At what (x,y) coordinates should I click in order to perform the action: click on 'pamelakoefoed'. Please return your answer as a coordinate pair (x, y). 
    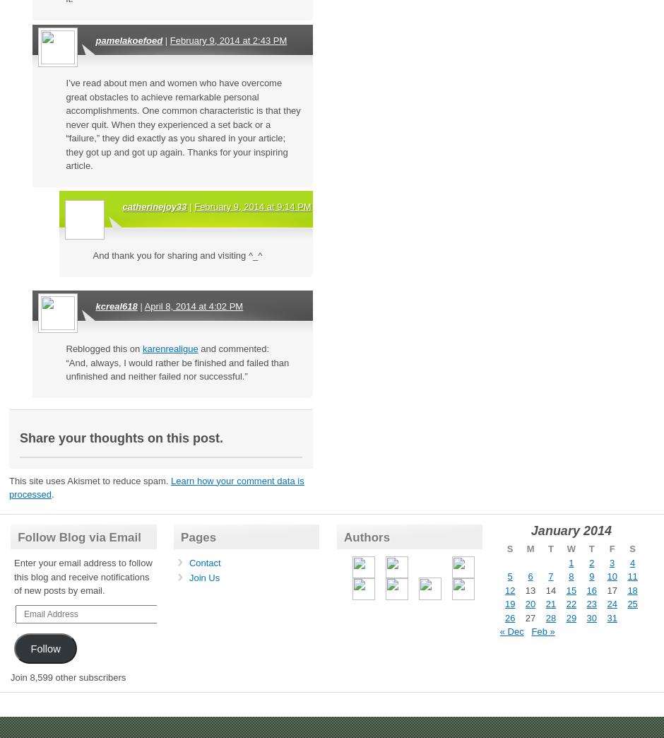
    Looking at the image, I should click on (129, 40).